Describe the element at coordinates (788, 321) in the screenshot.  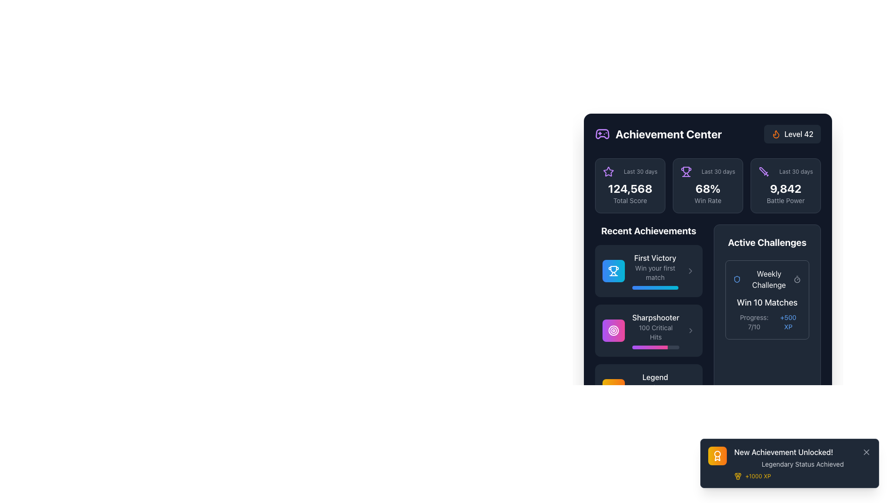
I see `the text element indicating 500 experience points (XP) in the 'Active Challenges' panel, located next to the 'Progress: 7/10' label under the 'Win 10 Matches' challenge` at that location.